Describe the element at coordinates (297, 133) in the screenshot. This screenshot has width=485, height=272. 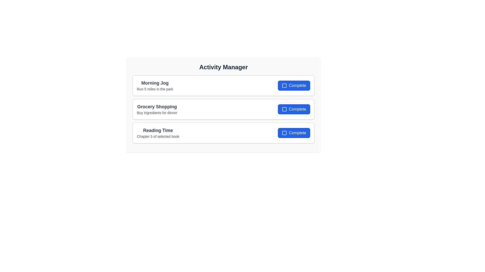
I see `the 'Complete' text of the button in the third row` at that location.